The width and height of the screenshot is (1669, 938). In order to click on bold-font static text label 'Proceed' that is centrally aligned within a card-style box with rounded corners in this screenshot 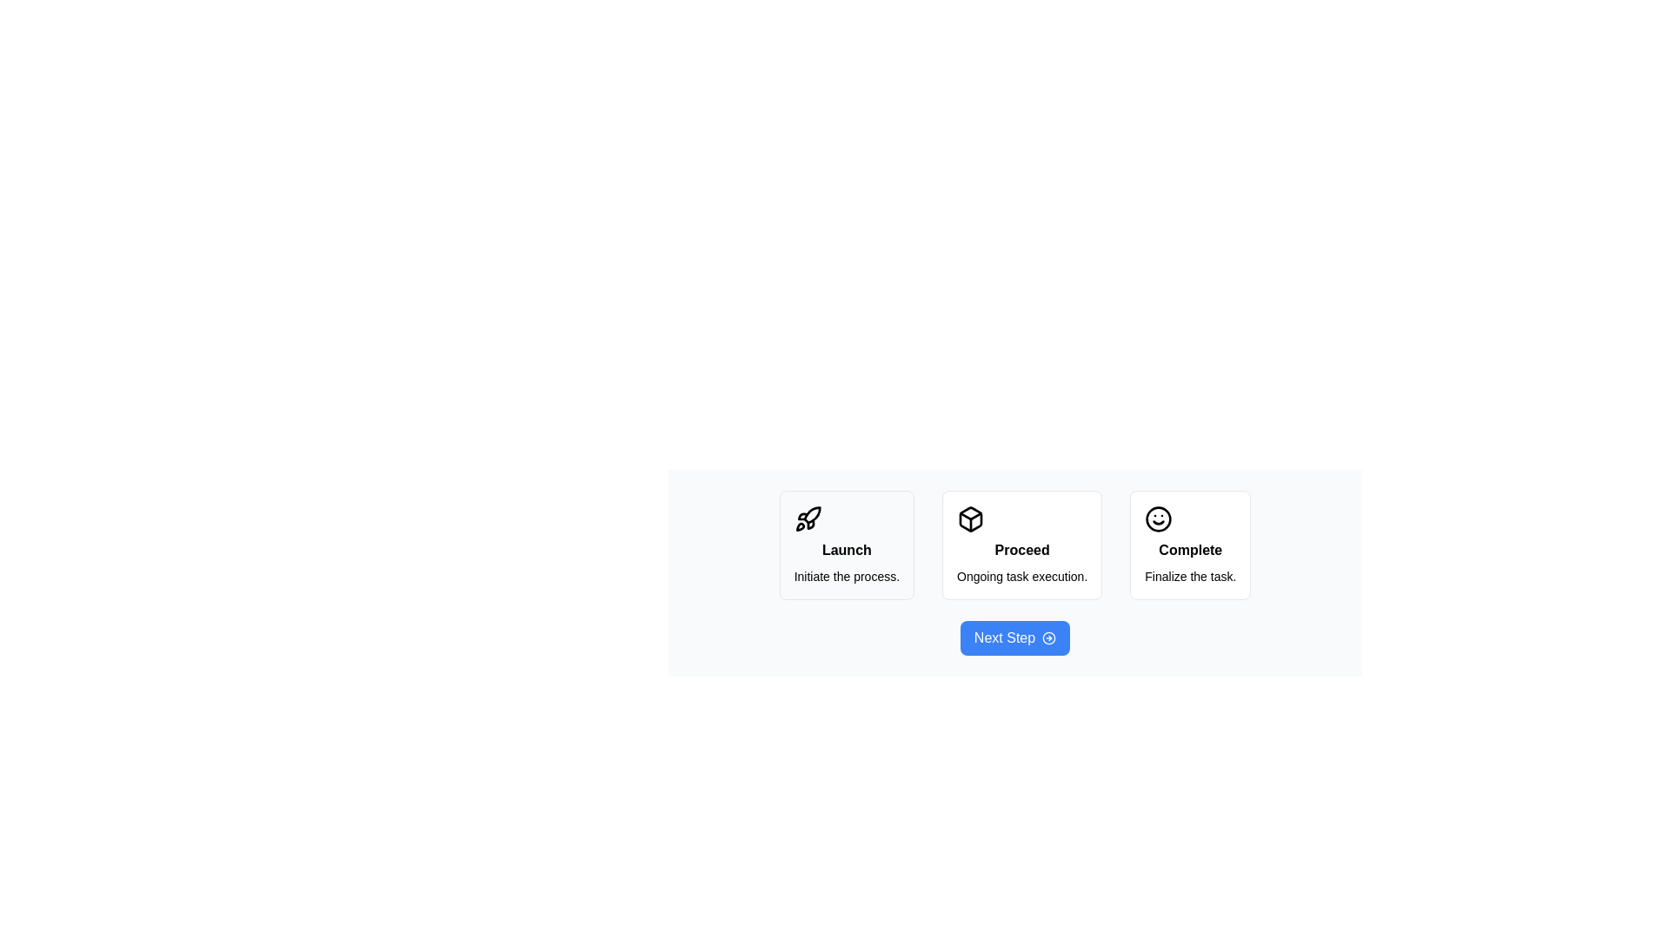, I will do `click(1022, 550)`.